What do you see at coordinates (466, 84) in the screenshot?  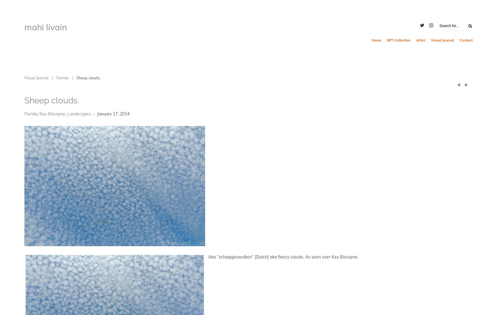 I see `')'` at bounding box center [466, 84].